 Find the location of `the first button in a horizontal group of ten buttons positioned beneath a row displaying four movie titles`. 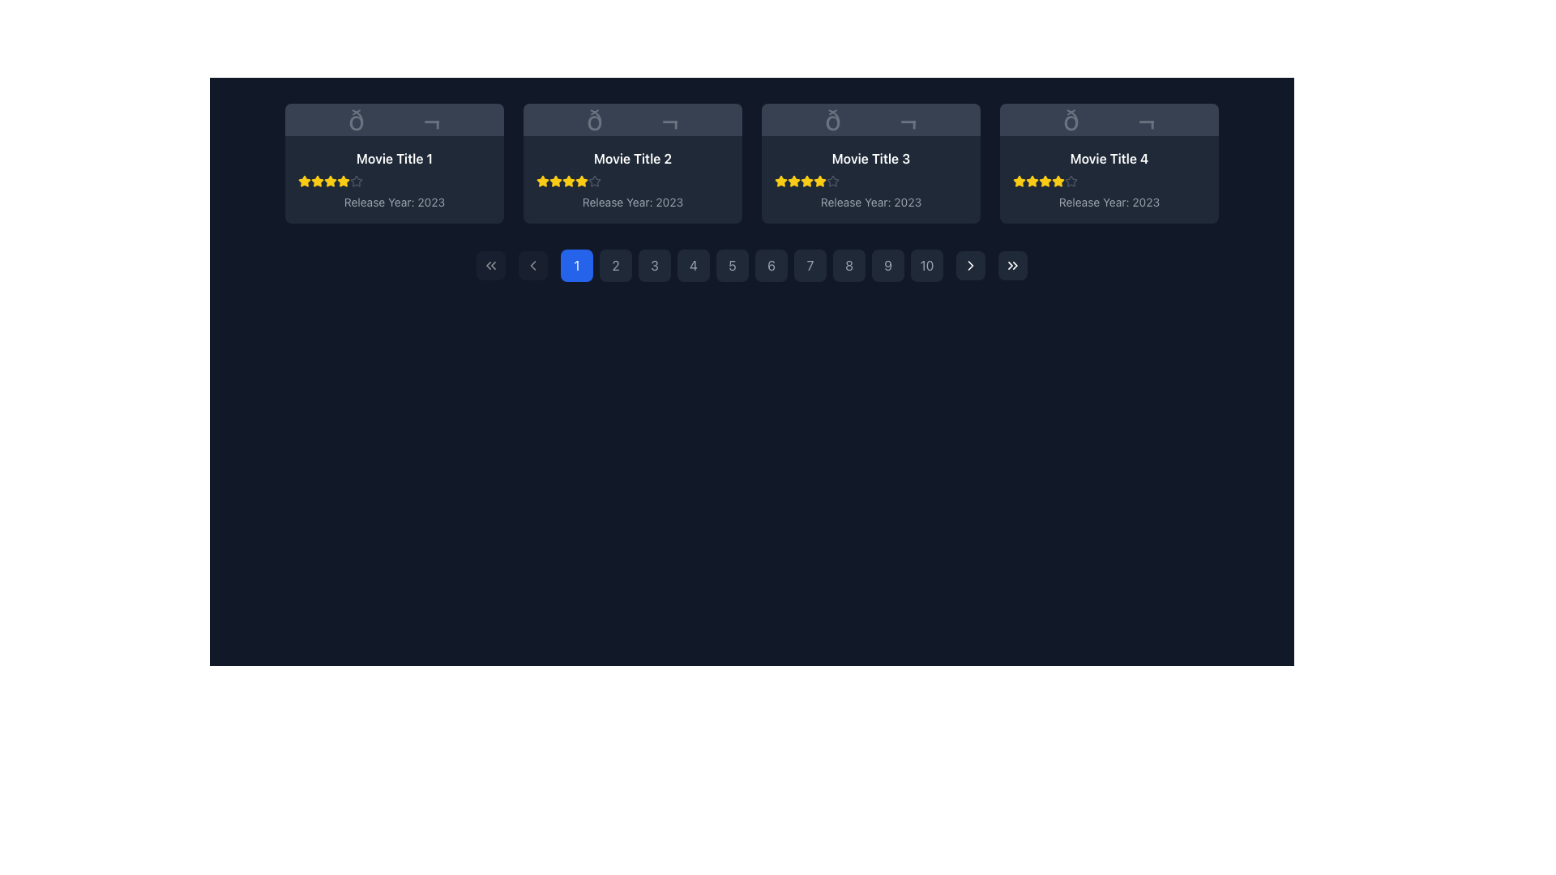

the first button in a horizontal group of ten buttons positioned beneath a row displaying four movie titles is located at coordinates (576, 264).